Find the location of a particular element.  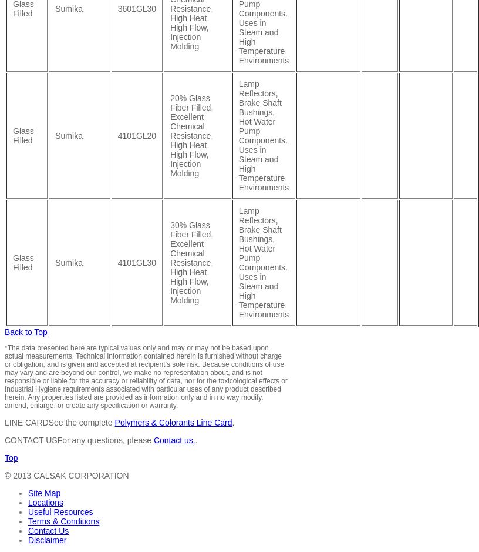

'Polymers & Colorants Line Card' is located at coordinates (172, 421).